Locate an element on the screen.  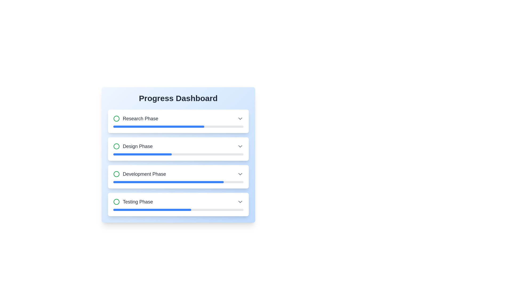
the progress bar that visually represents 60% completion located in the 'Testing Phase' section of the progress dashboard is located at coordinates (152, 209).